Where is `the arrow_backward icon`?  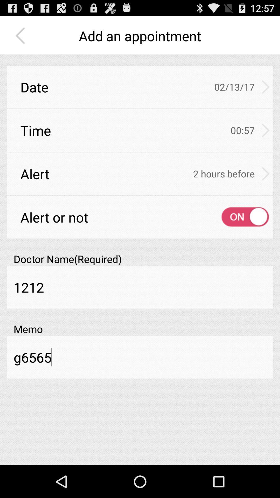 the arrow_backward icon is located at coordinates (21, 38).